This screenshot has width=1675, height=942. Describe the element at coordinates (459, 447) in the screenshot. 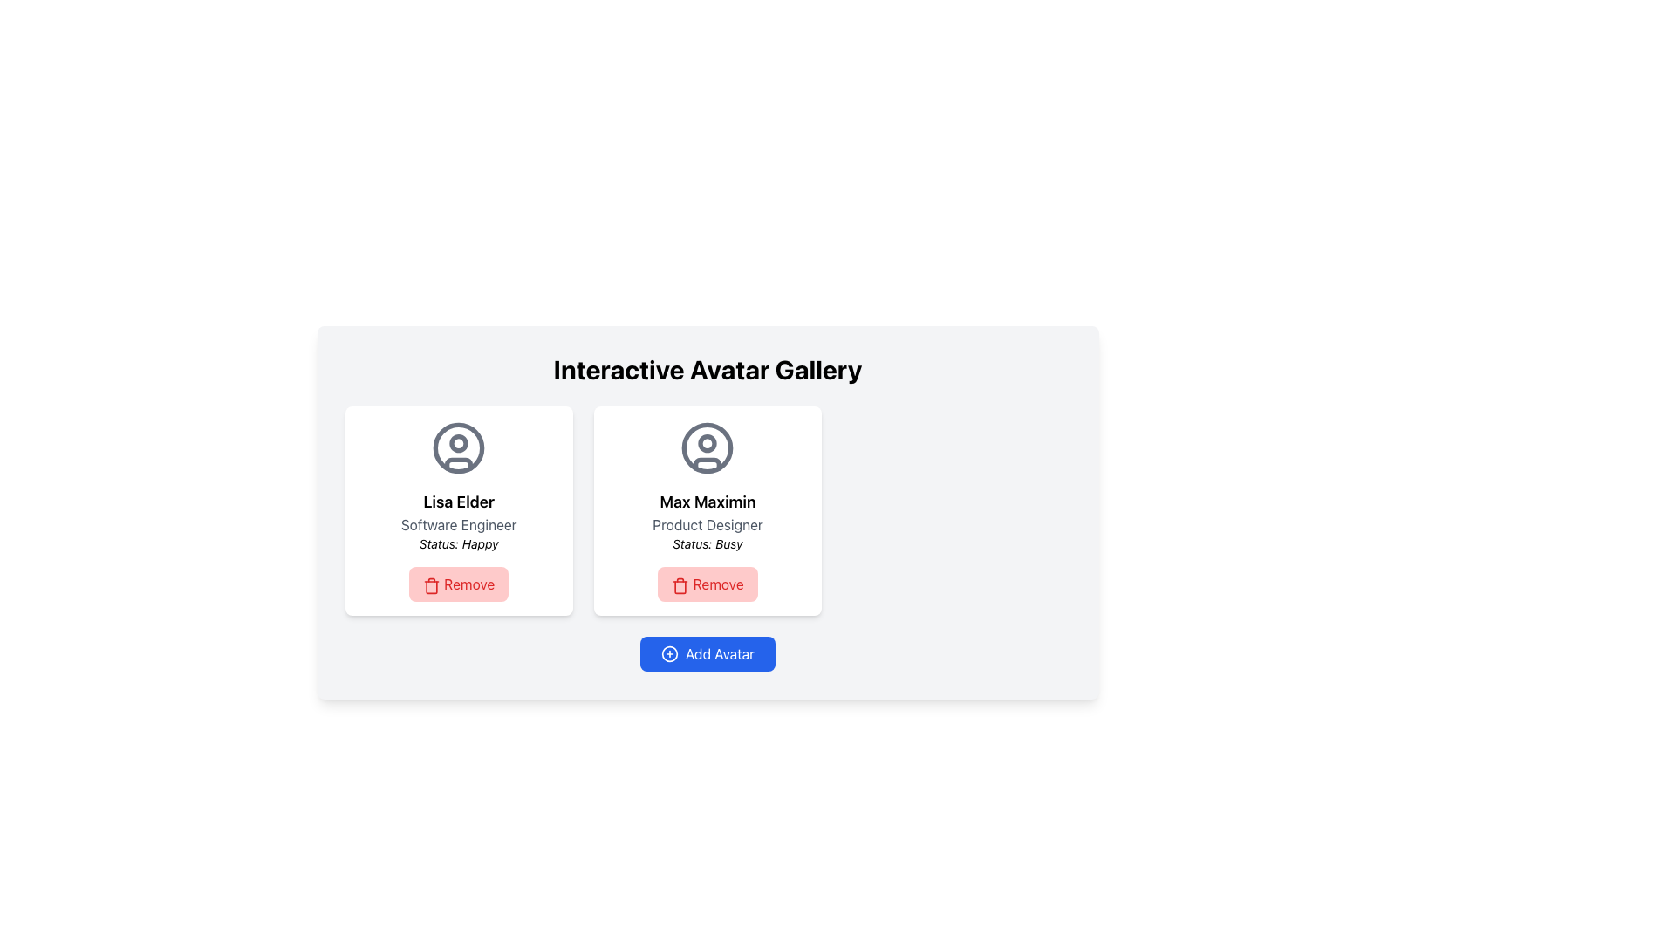

I see `the circular graphical component that resembles a ring, which is part of the avatar icon in the card labeled 'Lisa Elder'` at that location.